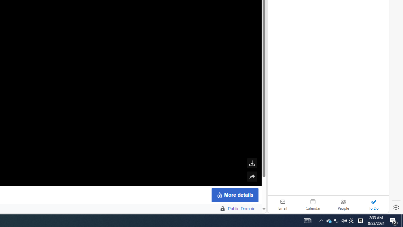  What do you see at coordinates (282, 204) in the screenshot?
I see `'Email'` at bounding box center [282, 204].